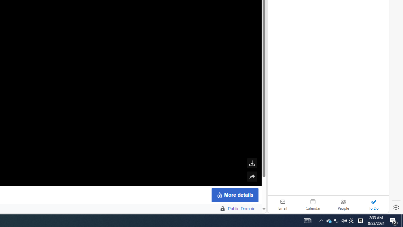  What do you see at coordinates (282, 204) in the screenshot?
I see `'Email'` at bounding box center [282, 204].